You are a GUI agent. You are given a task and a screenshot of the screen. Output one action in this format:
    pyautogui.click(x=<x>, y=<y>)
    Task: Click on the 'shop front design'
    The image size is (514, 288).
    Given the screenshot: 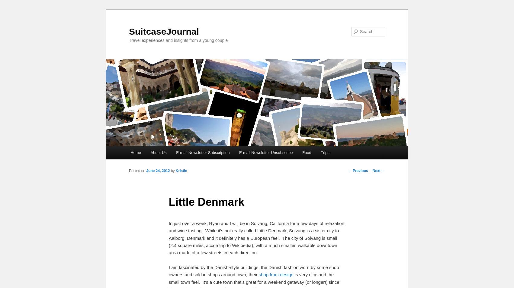 What is the action you would take?
    pyautogui.click(x=276, y=274)
    